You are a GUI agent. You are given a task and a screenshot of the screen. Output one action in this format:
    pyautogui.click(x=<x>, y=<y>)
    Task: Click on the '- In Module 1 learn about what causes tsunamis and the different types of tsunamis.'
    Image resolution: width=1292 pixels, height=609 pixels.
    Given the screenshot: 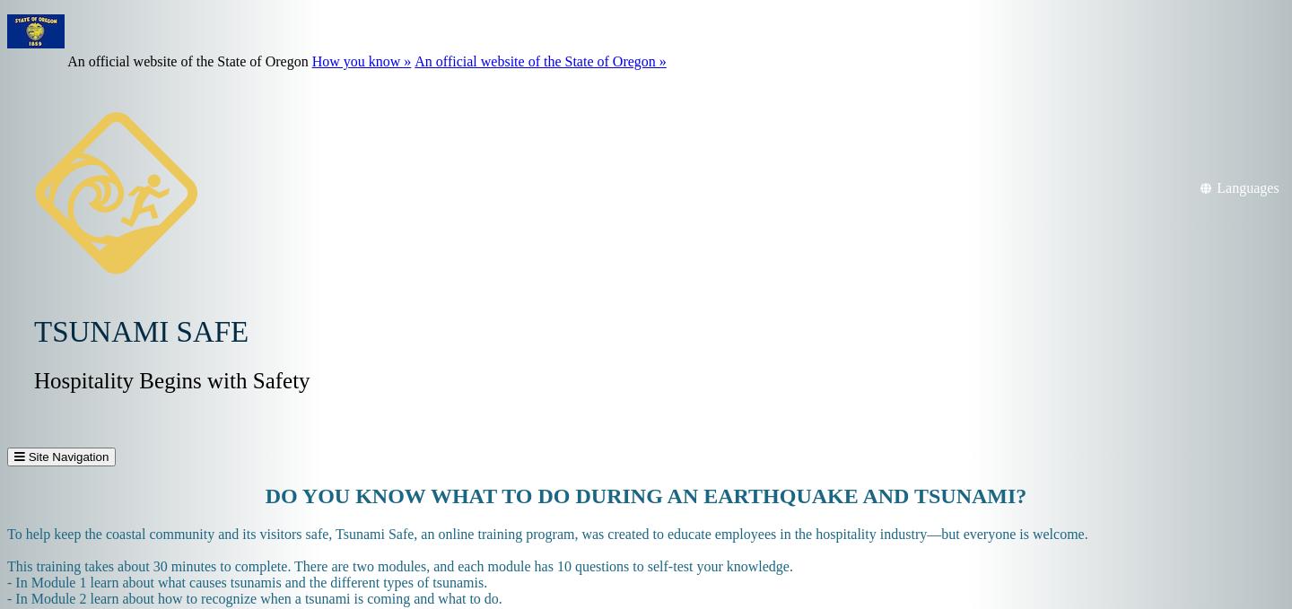 What is the action you would take?
    pyautogui.click(x=6, y=582)
    